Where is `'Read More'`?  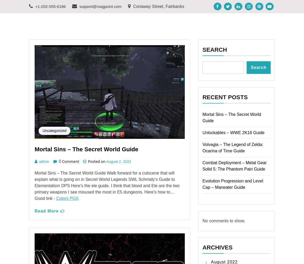 'Read More' is located at coordinates (46, 95).